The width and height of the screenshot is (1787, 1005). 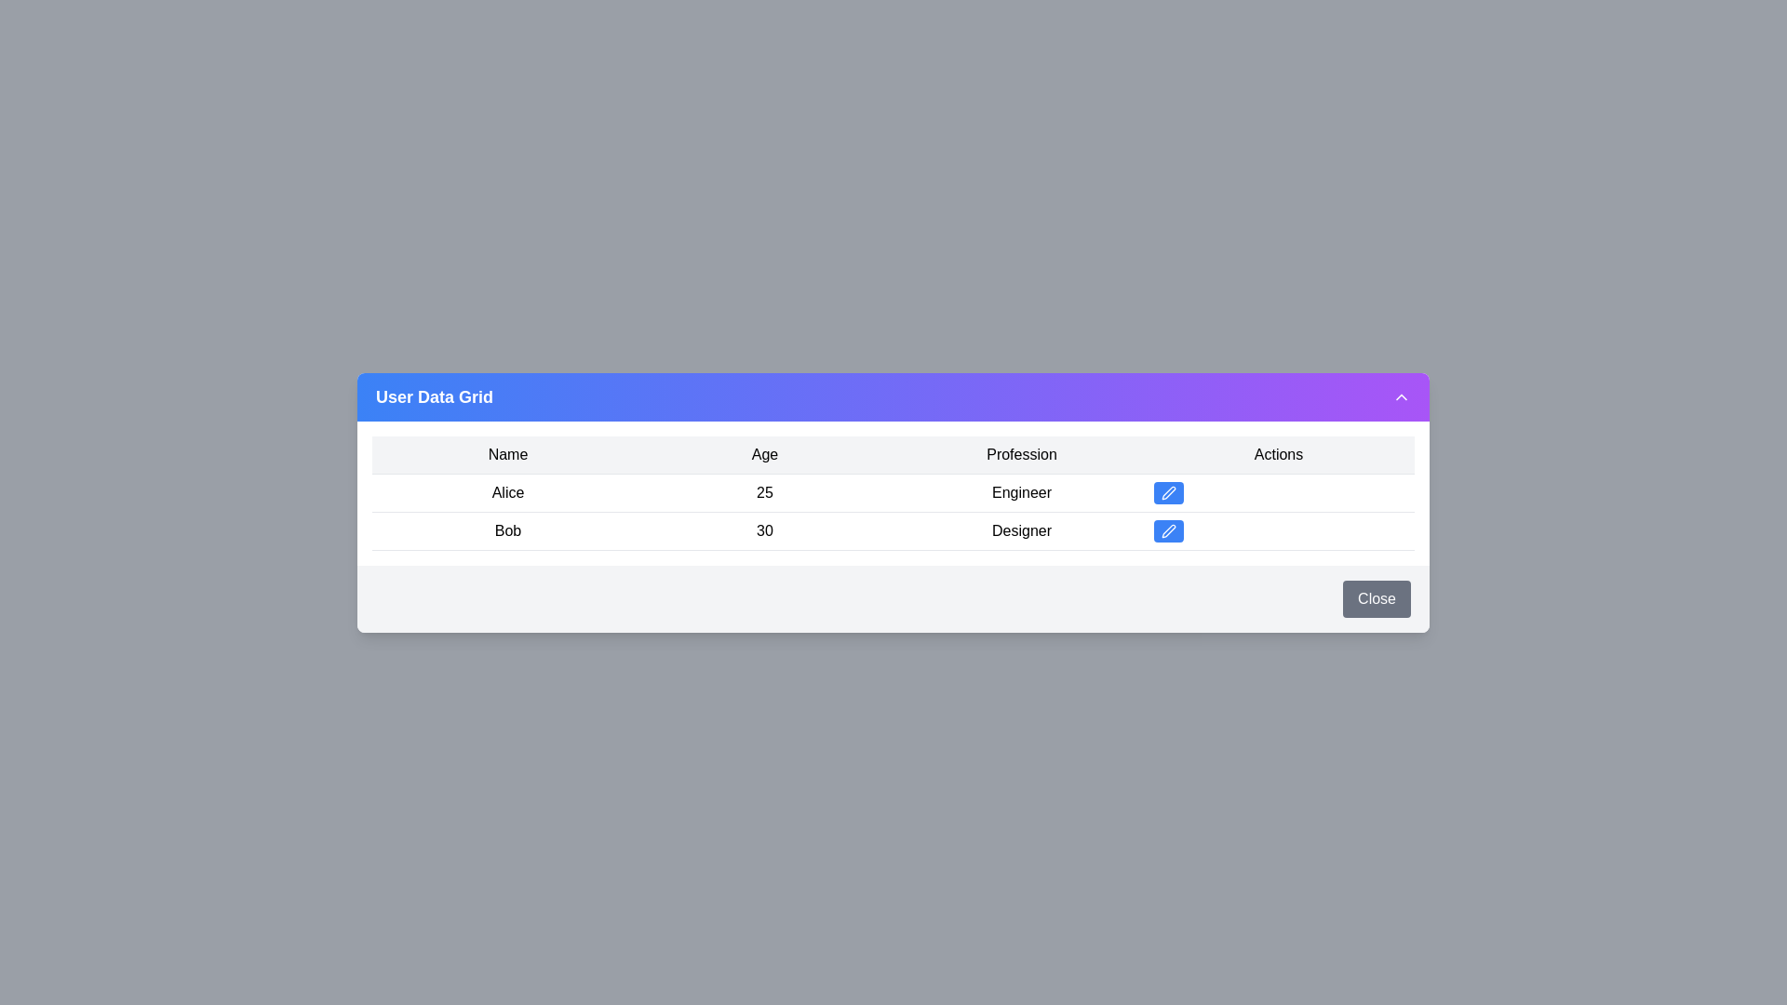 What do you see at coordinates (1377, 598) in the screenshot?
I see `the 'Close' button with a gray background and white text located in the bottom-right corner of the modal interface` at bounding box center [1377, 598].